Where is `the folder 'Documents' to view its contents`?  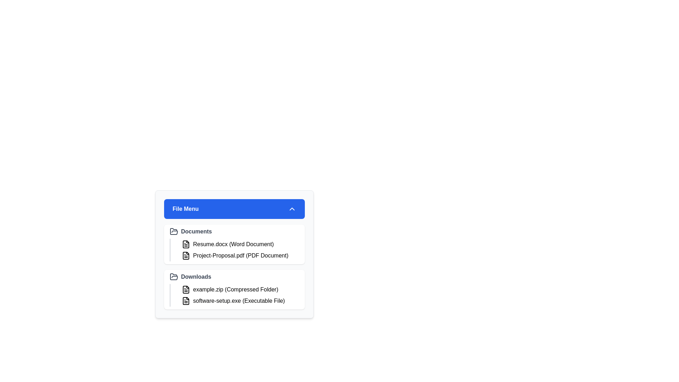 the folder 'Documents' to view its contents is located at coordinates (234, 232).